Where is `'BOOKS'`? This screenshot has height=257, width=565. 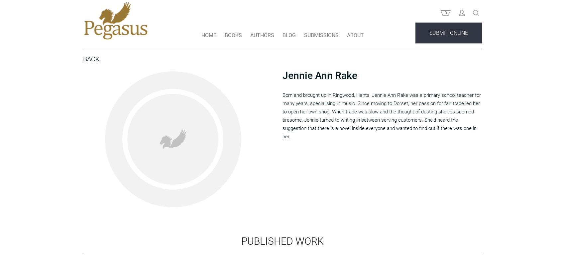 'BOOKS' is located at coordinates (233, 47).